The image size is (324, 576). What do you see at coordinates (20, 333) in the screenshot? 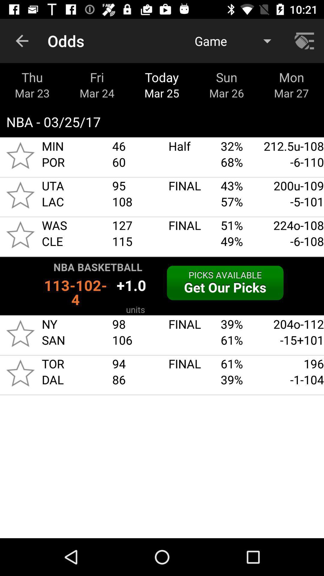
I see `bookmark game` at bounding box center [20, 333].